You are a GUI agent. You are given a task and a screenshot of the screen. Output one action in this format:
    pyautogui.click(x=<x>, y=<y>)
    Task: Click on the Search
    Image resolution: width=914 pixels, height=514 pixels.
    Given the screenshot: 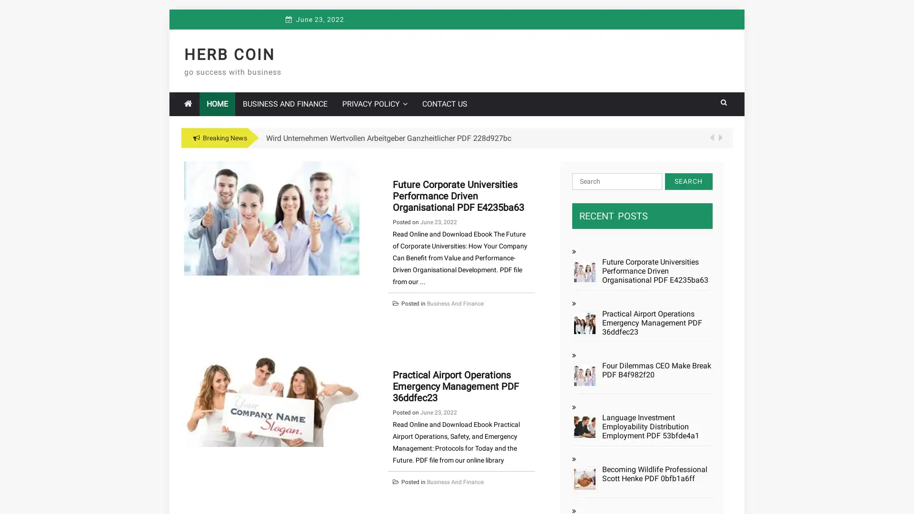 What is the action you would take?
    pyautogui.click(x=688, y=181)
    